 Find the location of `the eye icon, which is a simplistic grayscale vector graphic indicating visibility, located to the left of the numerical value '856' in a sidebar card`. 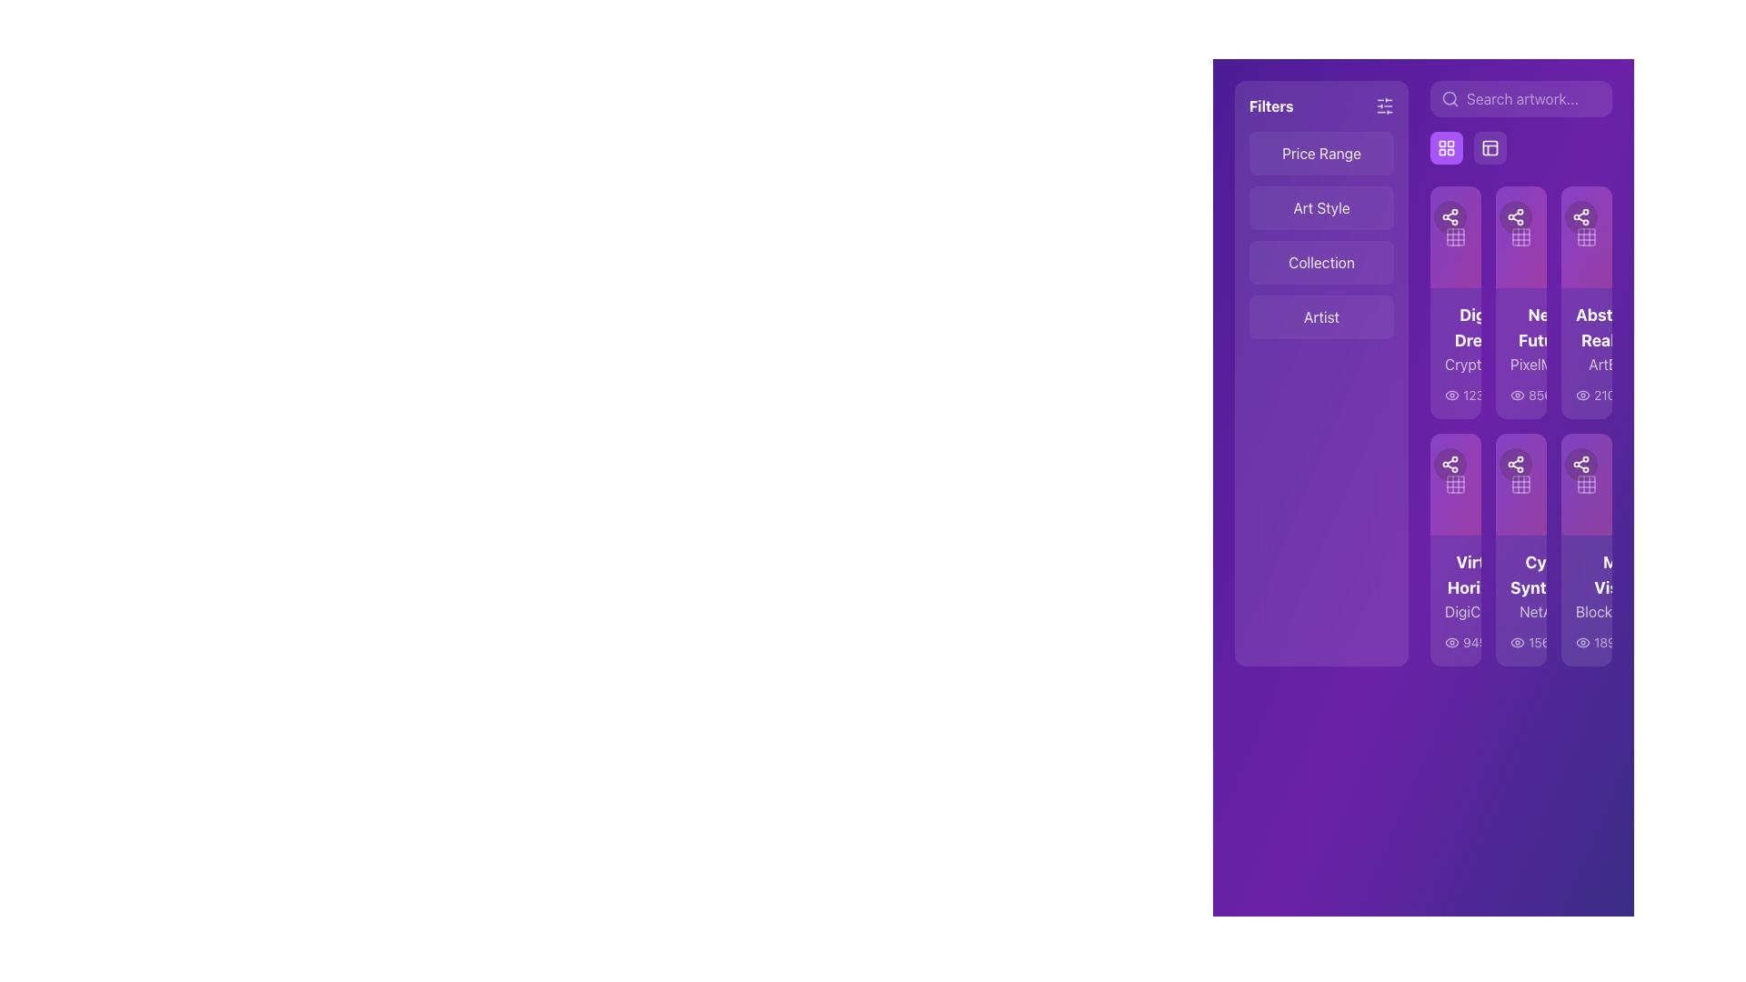

the eye icon, which is a simplistic grayscale vector graphic indicating visibility, located to the left of the numerical value '856' in a sidebar card is located at coordinates (1518, 395).